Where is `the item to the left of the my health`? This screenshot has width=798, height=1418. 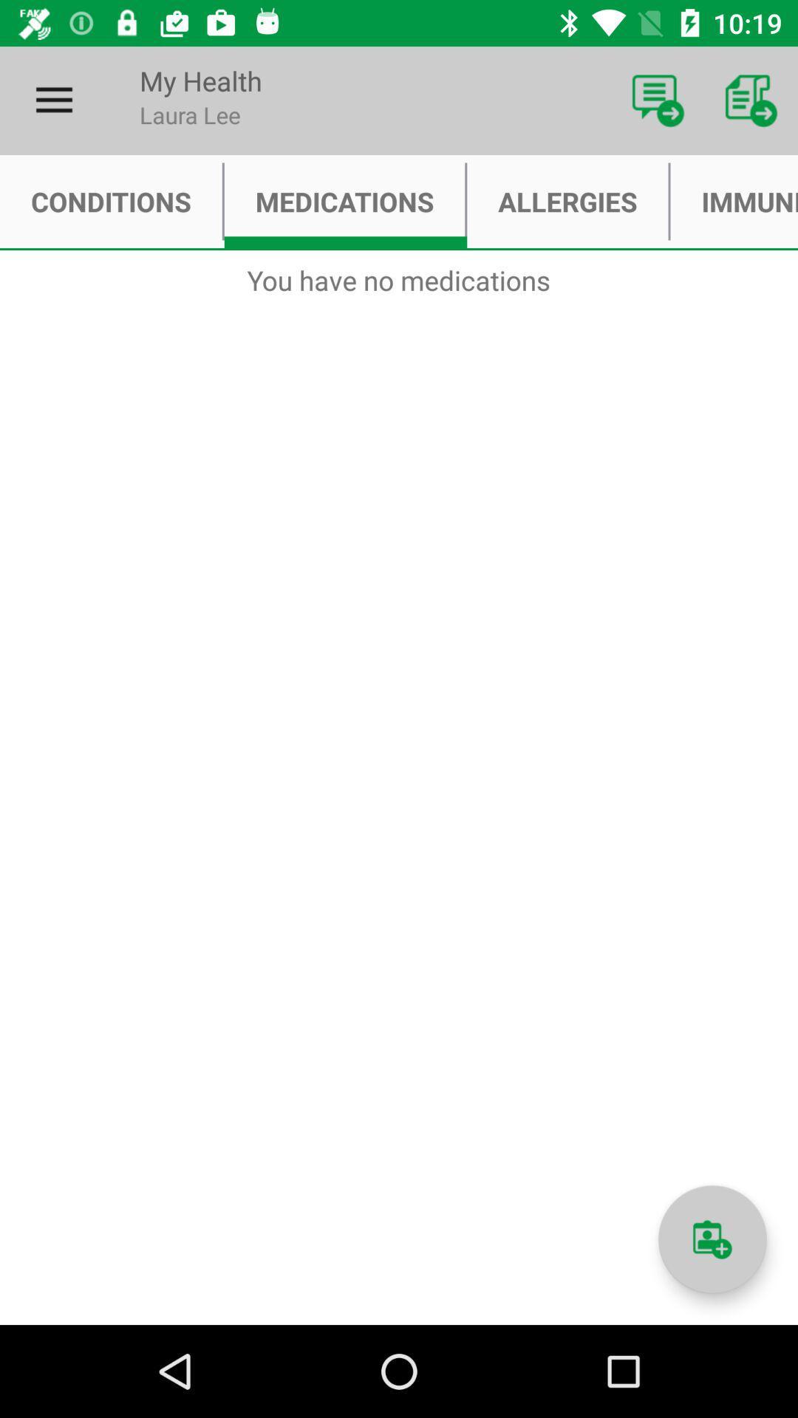
the item to the left of the my health is located at coordinates (53, 100).